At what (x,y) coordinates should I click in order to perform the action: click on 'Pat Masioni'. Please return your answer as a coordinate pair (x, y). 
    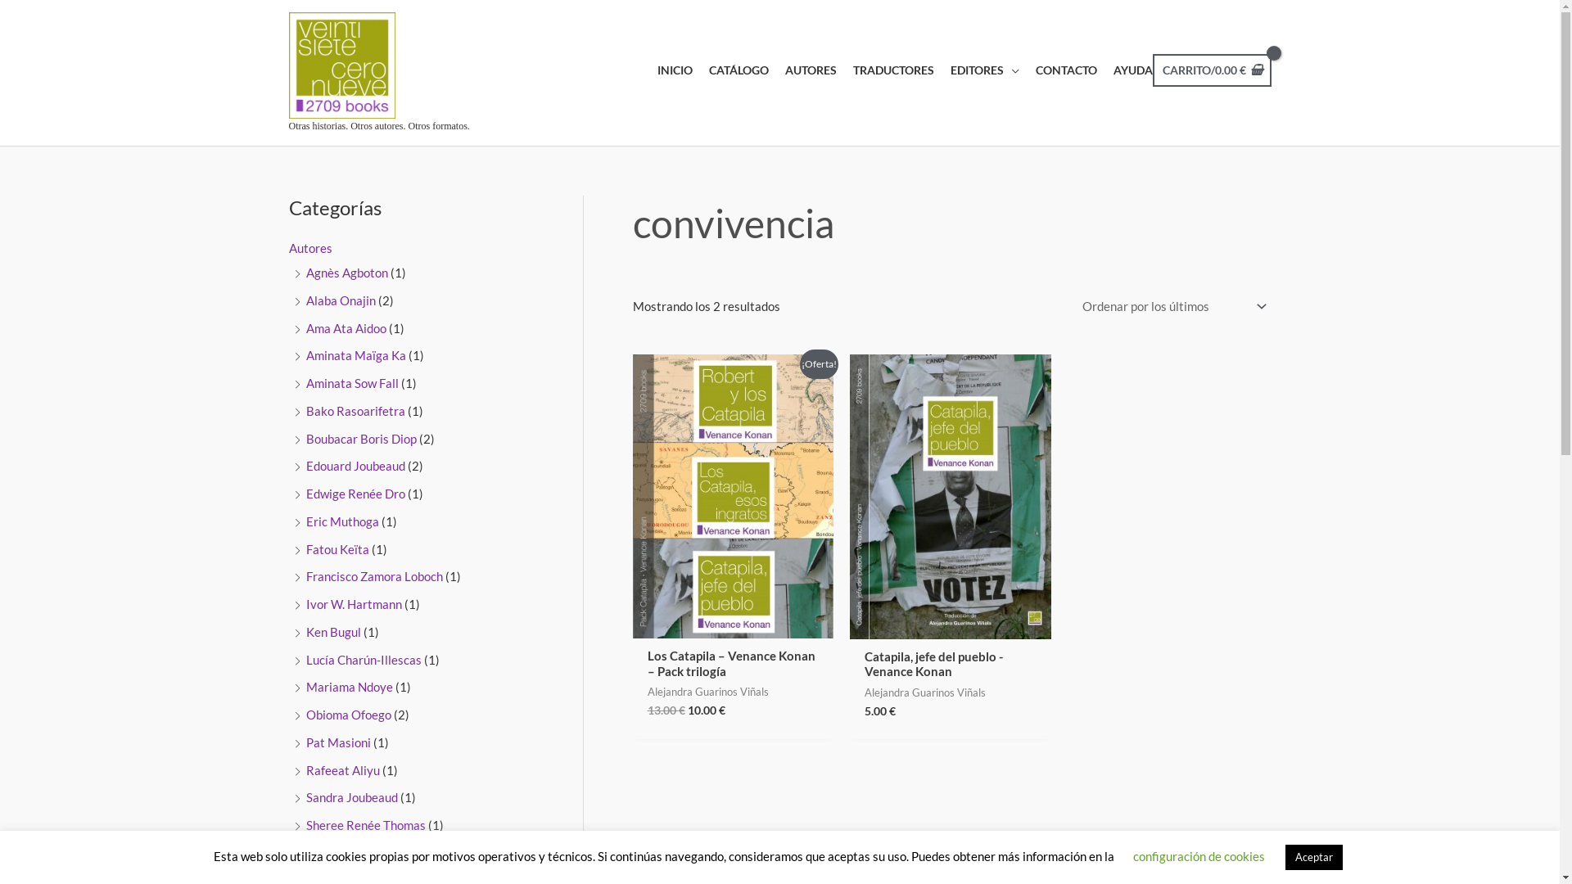
    Looking at the image, I should click on (337, 742).